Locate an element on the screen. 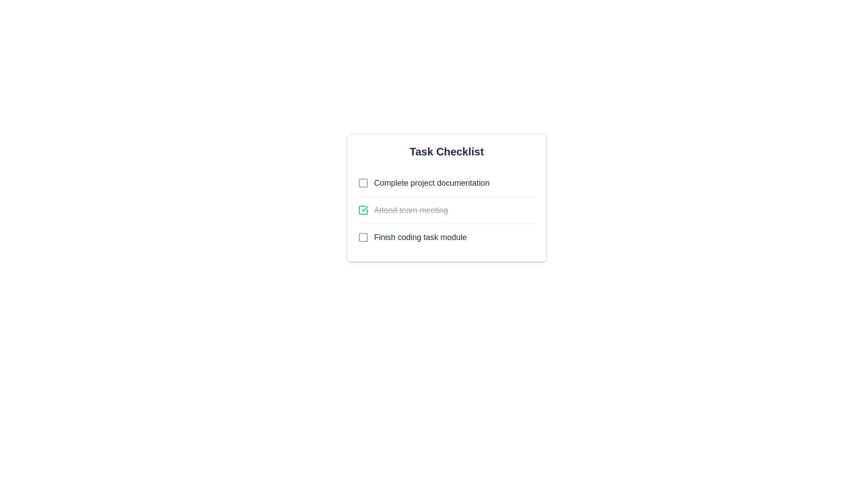  the green checkbox with a checkmark, located to the left of the text 'Attend team meeting' is located at coordinates (363, 210).